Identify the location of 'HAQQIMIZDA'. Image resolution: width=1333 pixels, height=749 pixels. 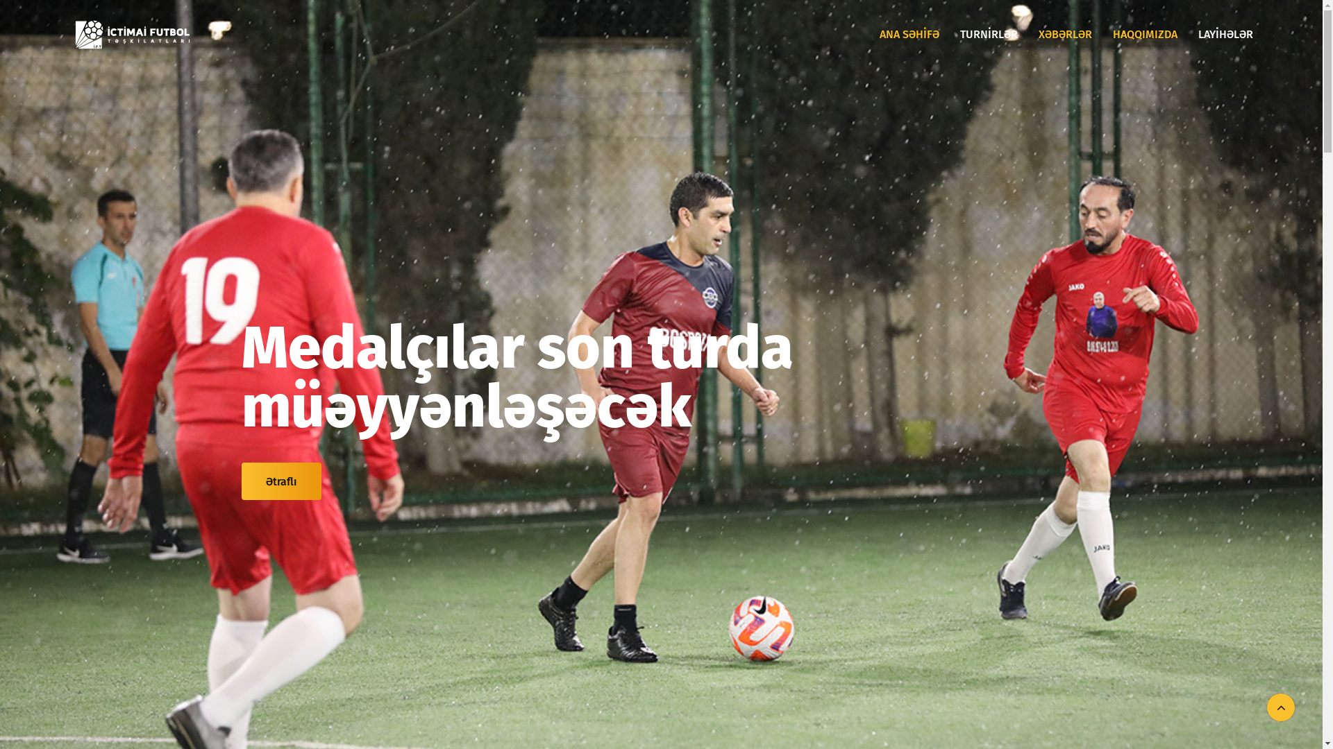
(1145, 34).